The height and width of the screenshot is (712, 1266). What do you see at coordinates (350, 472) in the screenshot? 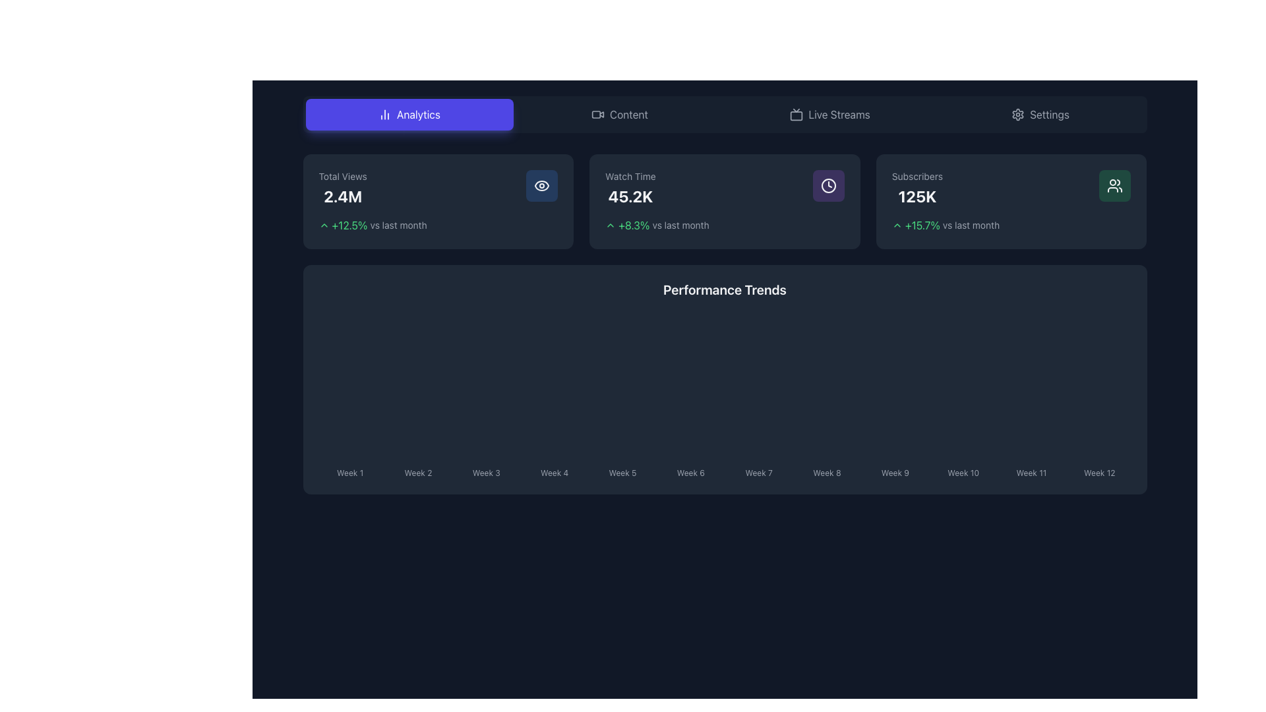
I see `the first week's performance data label, which is located at the bottom-left corner of the trend tracking interface, directly to the left of 'Week 2'` at bounding box center [350, 472].